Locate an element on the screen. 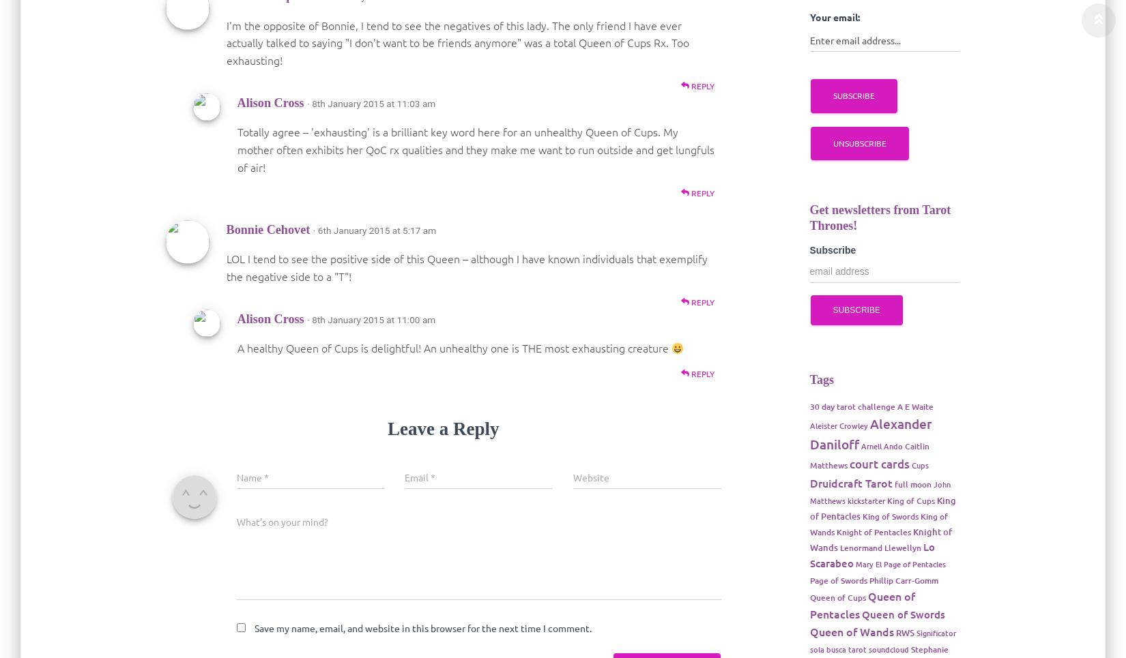 The width and height of the screenshot is (1126, 658). 'Queen of Swords' is located at coordinates (901, 612).